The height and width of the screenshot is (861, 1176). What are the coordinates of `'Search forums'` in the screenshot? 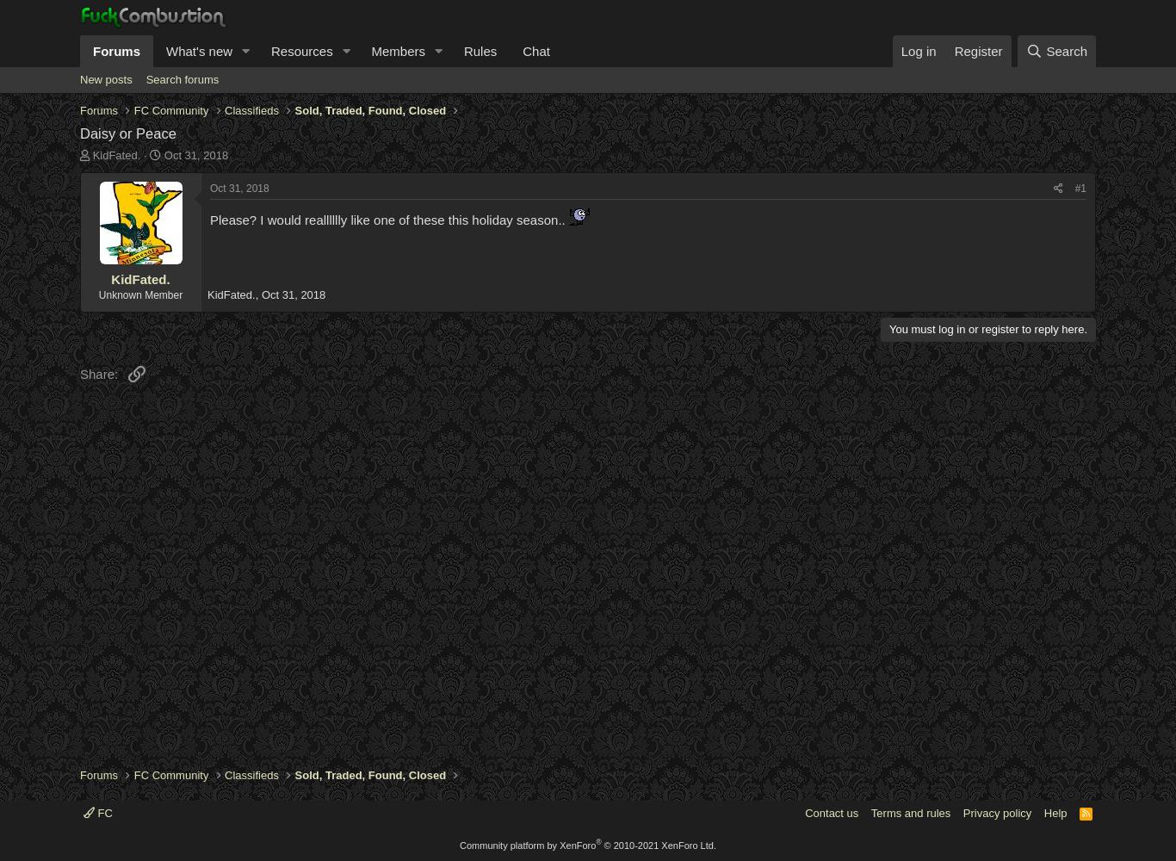 It's located at (181, 78).